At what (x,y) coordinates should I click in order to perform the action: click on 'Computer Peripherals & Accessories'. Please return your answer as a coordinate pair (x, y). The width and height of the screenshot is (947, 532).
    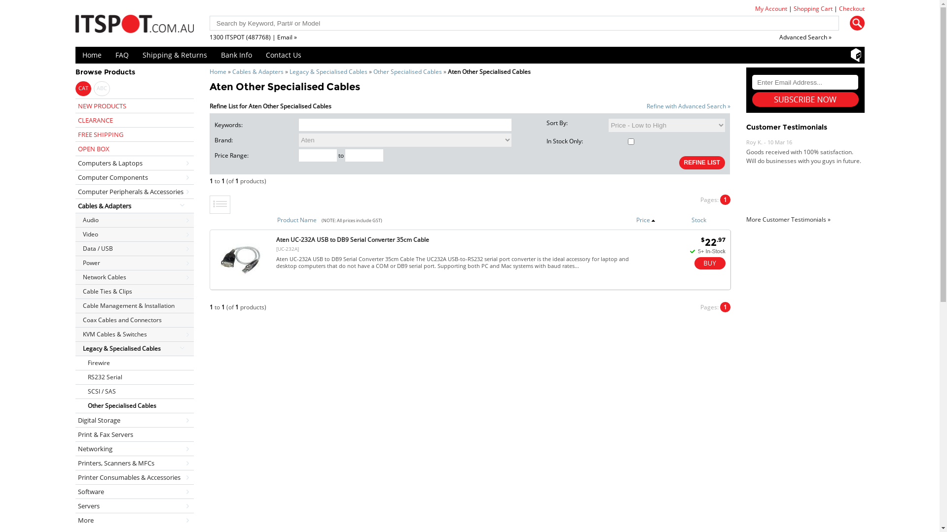
    Looking at the image, I should click on (134, 191).